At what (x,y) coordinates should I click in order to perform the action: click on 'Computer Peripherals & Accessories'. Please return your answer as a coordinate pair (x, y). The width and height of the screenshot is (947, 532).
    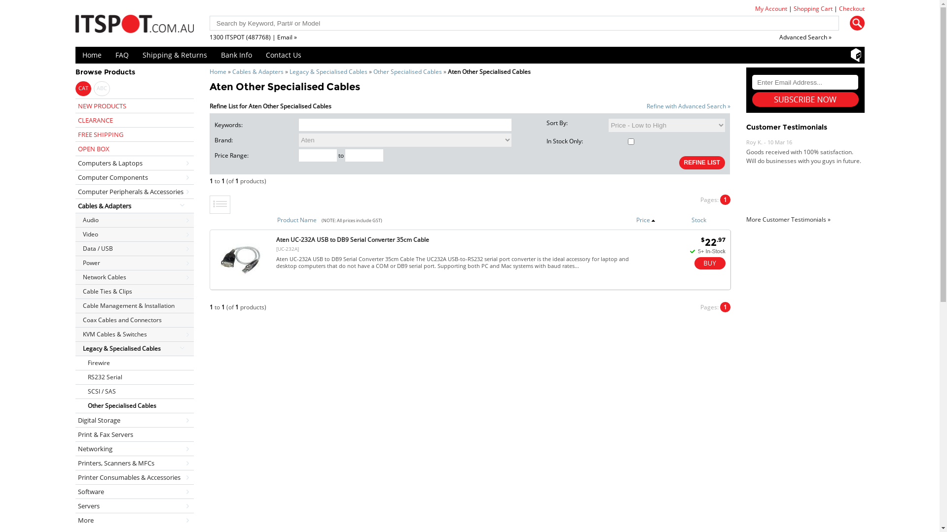
    Looking at the image, I should click on (134, 191).